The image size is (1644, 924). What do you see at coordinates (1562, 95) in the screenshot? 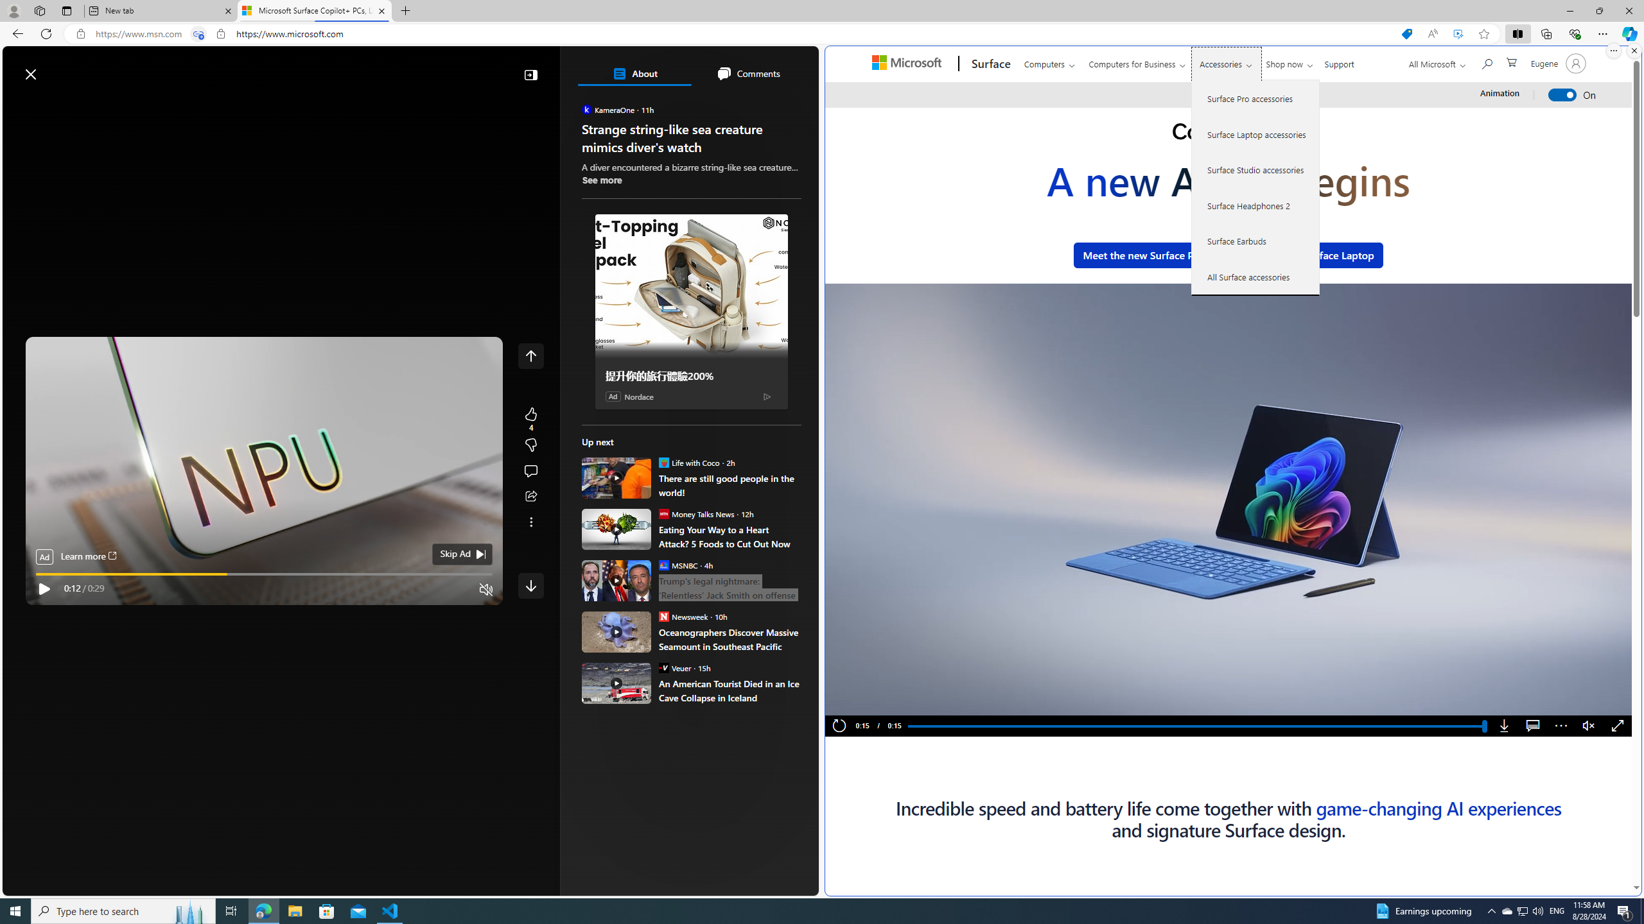
I see `'Animation On'` at bounding box center [1562, 95].